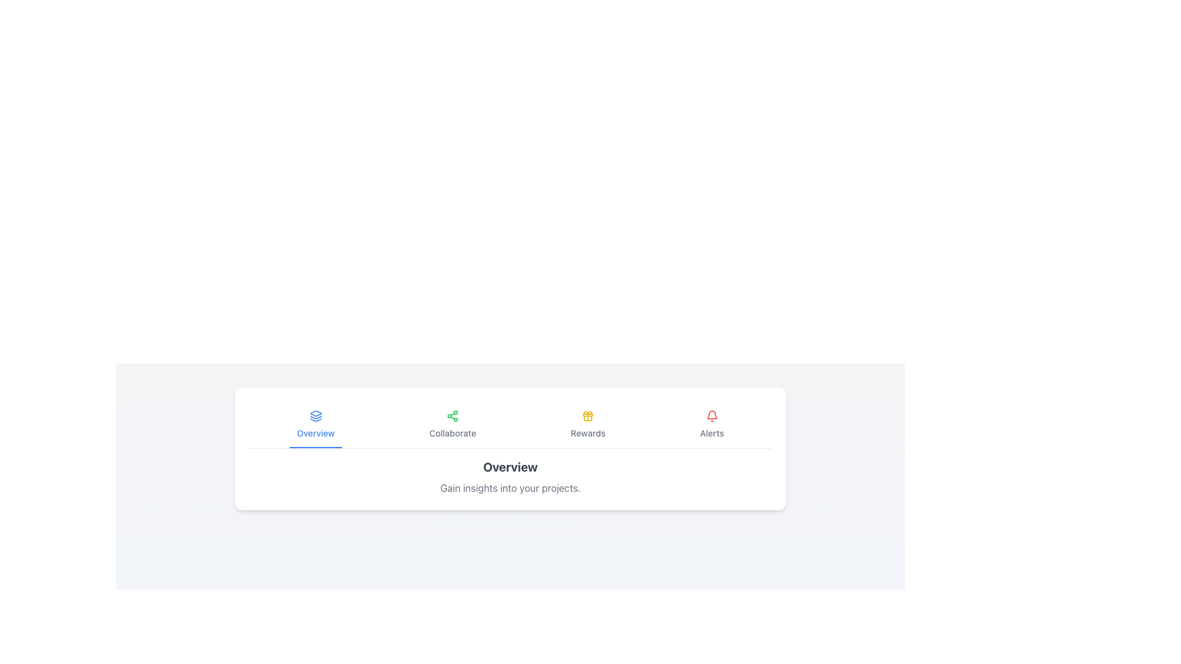  I want to click on the 'Rewards' icon located in the third column of the horizontal menu, so click(587, 416).